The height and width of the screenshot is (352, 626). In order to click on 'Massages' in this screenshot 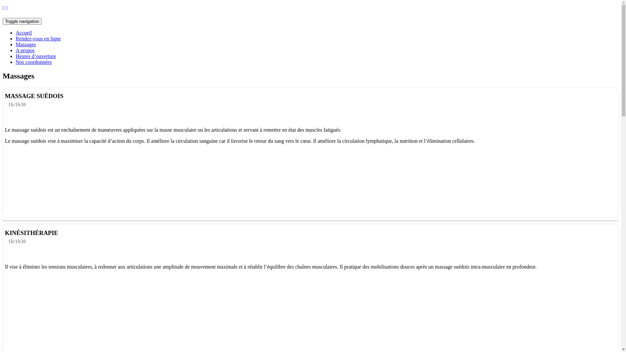, I will do `click(25, 44)`.